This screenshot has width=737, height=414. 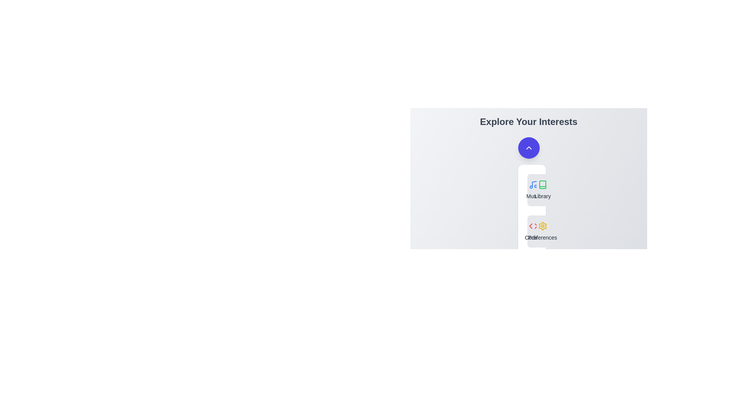 What do you see at coordinates (542, 190) in the screenshot?
I see `the feature Library from the menu` at bounding box center [542, 190].